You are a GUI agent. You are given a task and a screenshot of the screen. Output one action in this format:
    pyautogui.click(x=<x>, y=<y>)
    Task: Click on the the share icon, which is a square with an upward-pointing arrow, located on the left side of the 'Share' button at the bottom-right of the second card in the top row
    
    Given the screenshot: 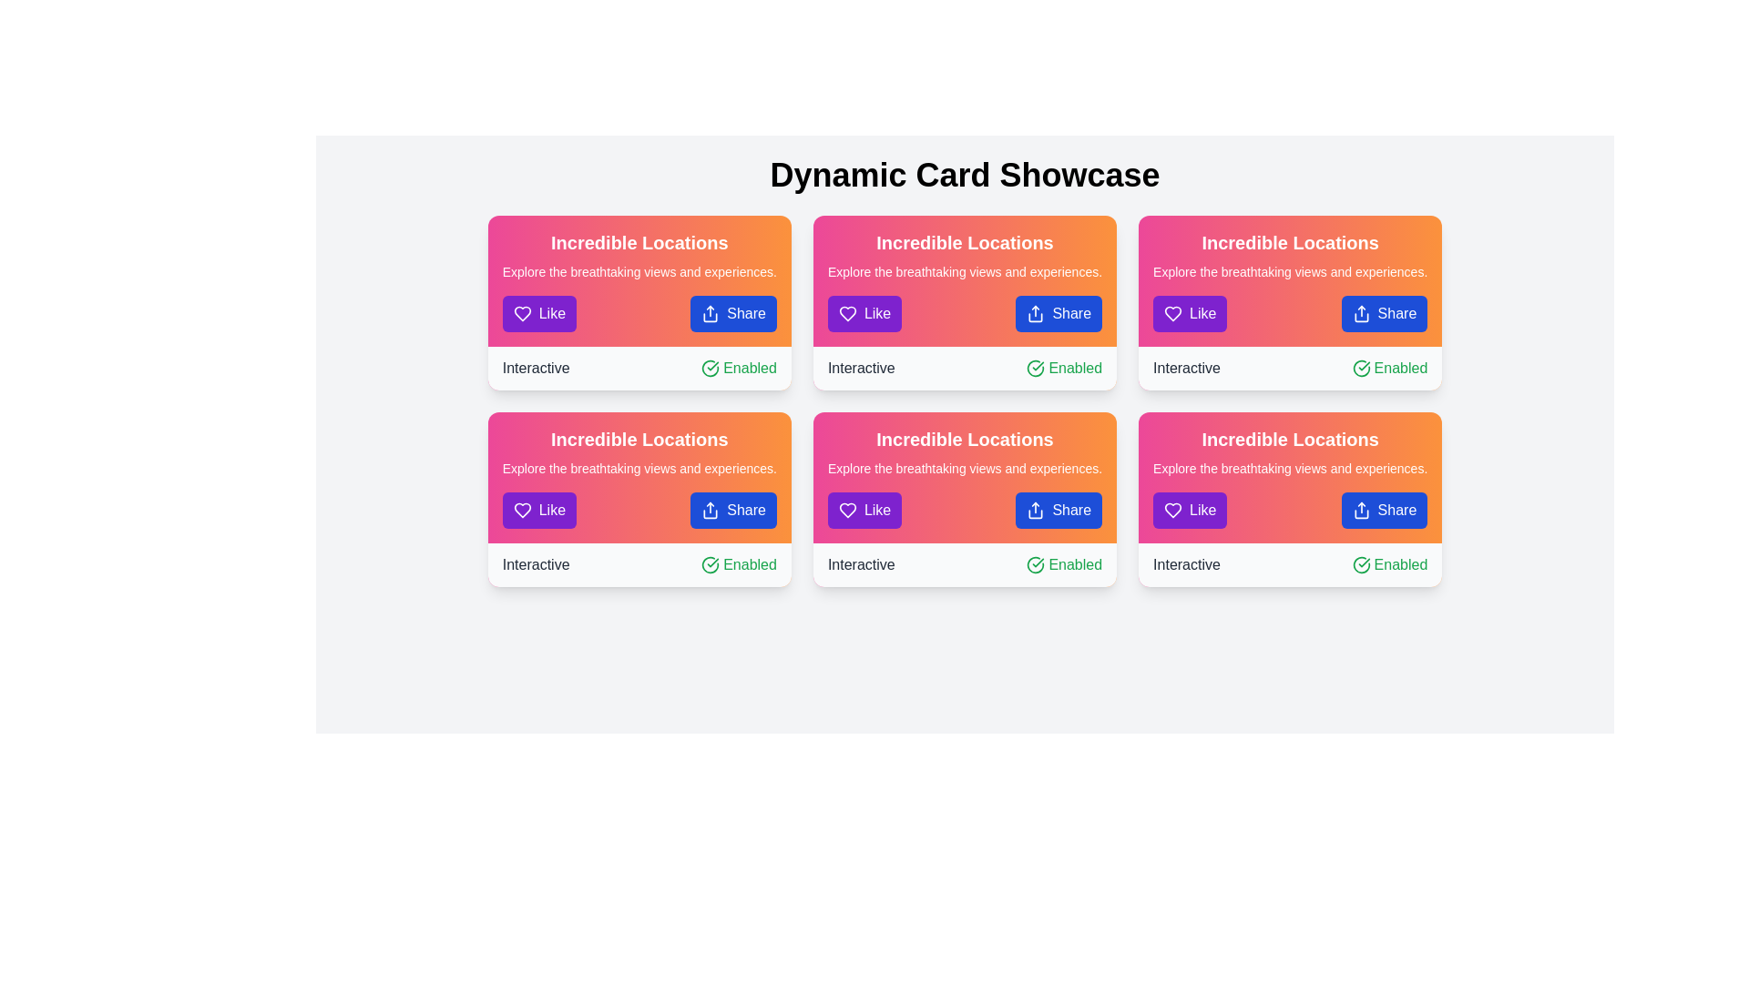 What is the action you would take?
    pyautogui.click(x=710, y=312)
    